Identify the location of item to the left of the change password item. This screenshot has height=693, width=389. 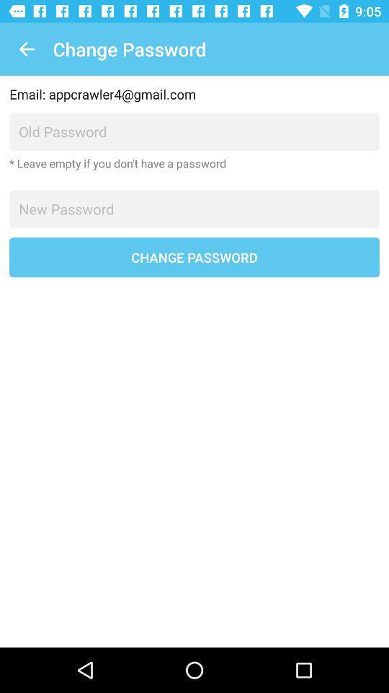
(26, 49).